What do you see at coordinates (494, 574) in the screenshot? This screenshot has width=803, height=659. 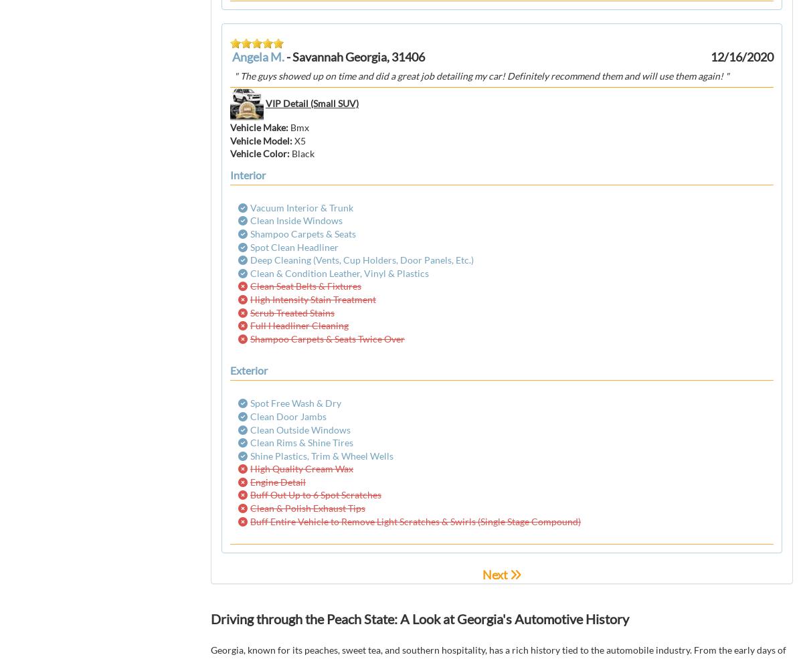 I see `'Next'` at bounding box center [494, 574].